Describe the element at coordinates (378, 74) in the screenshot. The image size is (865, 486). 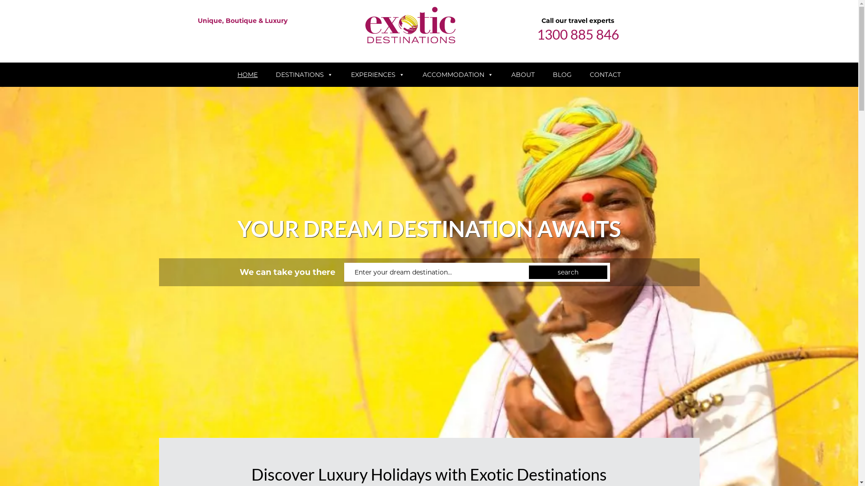
I see `'EXPERIENCES'` at that location.